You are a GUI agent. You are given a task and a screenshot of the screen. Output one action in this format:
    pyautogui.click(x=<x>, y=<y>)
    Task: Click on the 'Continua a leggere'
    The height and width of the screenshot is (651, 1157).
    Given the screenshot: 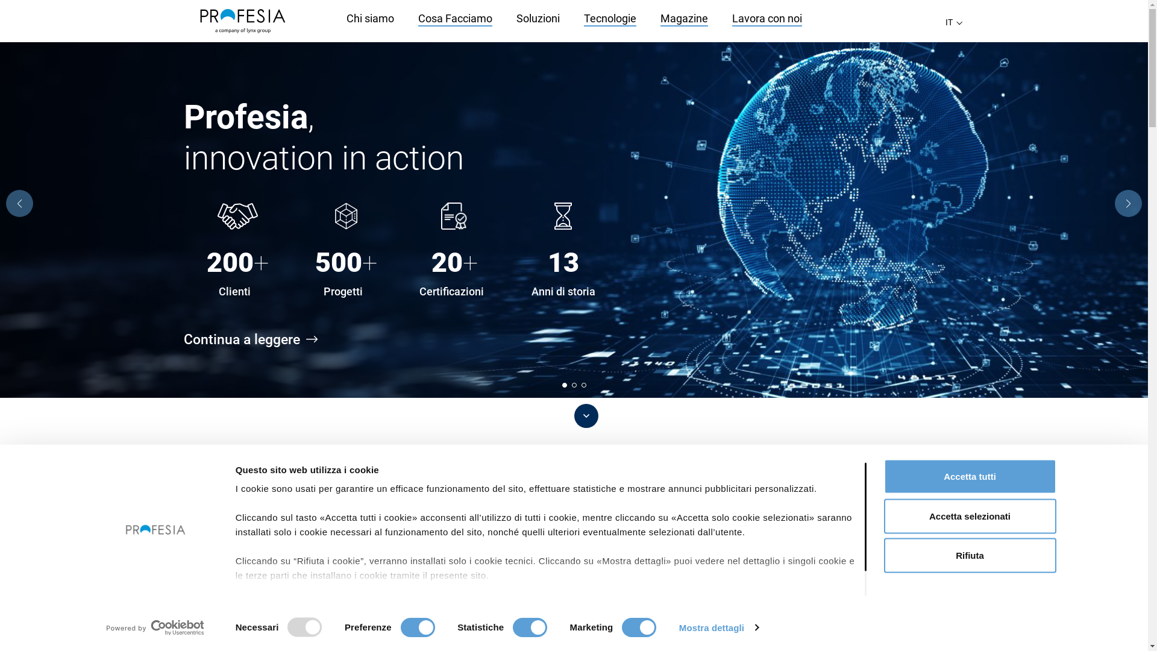 What is the action you would take?
    pyautogui.click(x=259, y=339)
    